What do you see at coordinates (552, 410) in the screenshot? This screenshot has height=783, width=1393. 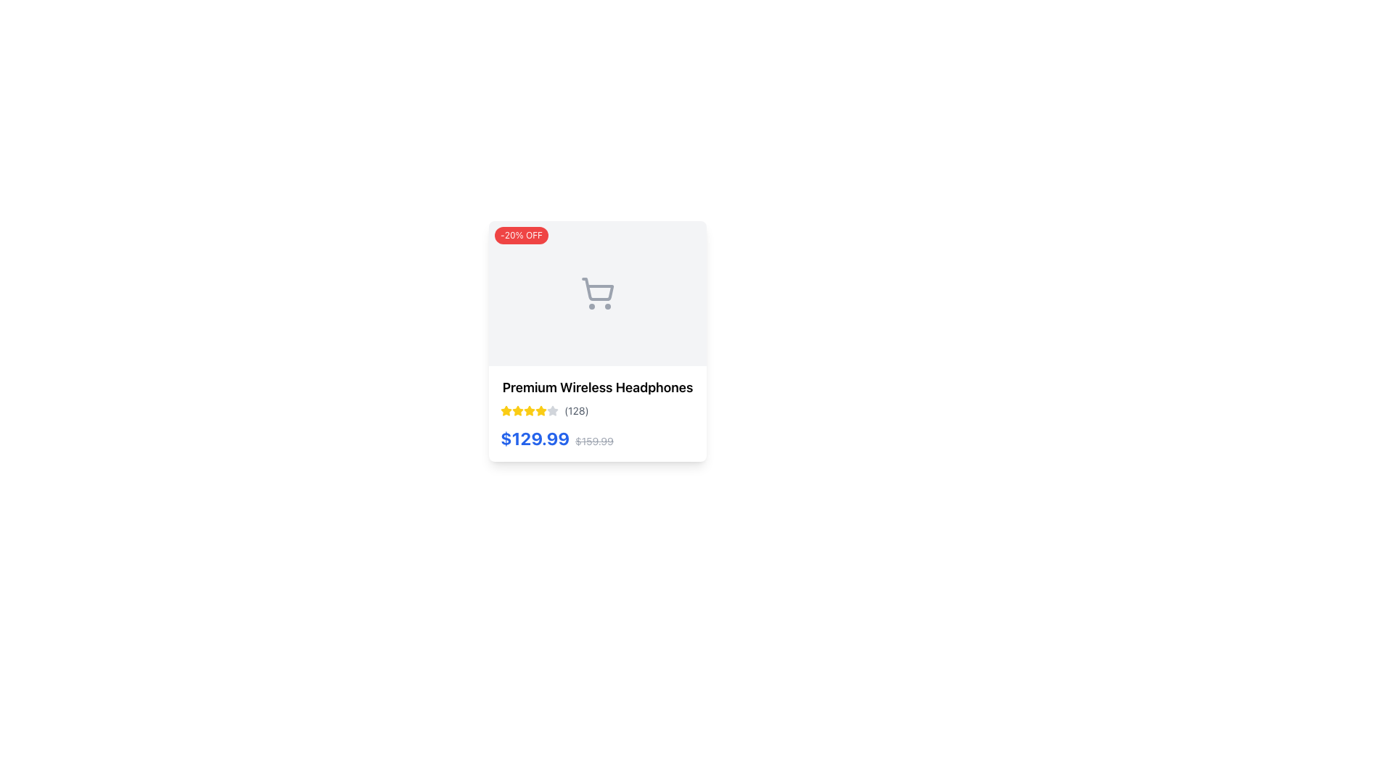 I see `the fifth star-shaped rating icon that is grayish and filled, located below the product title 'Premium Wireless Headphones' and next to the number of reviews '128'` at bounding box center [552, 410].